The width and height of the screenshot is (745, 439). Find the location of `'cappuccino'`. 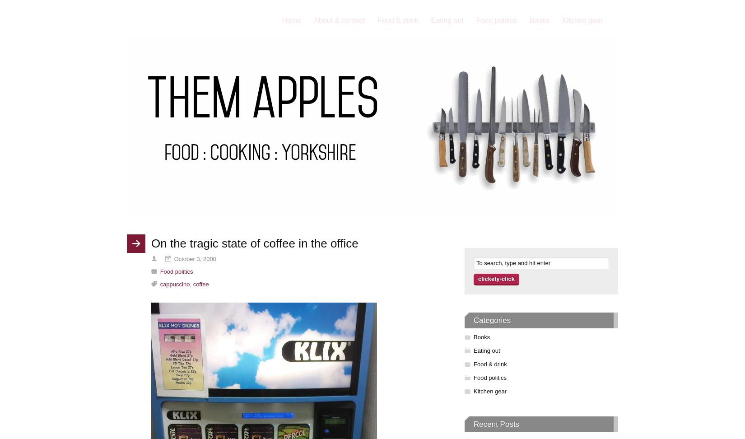

'cappuccino' is located at coordinates (174, 284).